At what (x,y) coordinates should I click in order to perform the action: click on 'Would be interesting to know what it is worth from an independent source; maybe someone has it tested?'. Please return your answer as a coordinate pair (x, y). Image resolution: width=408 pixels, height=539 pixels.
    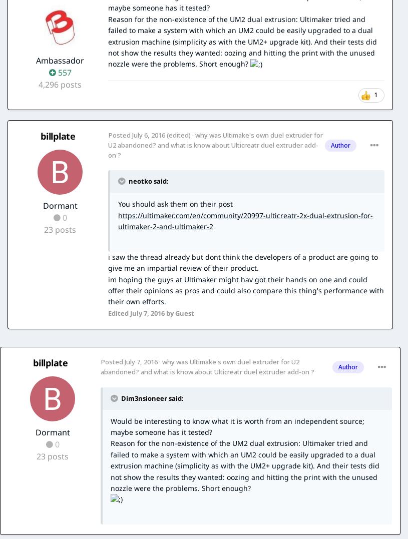
    Looking at the image, I should click on (237, 426).